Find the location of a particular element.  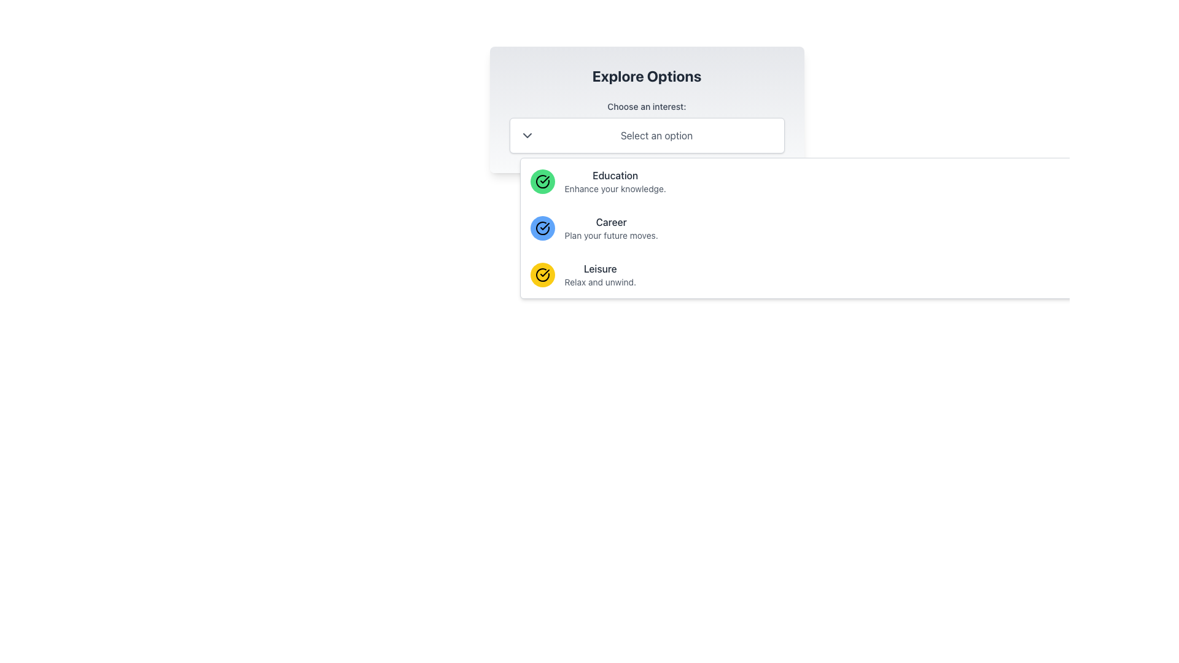

the Education icon, which serves as a visual identifier in the list item aligned with the text 'Education Enhance your knowledge.' is located at coordinates (542, 182).